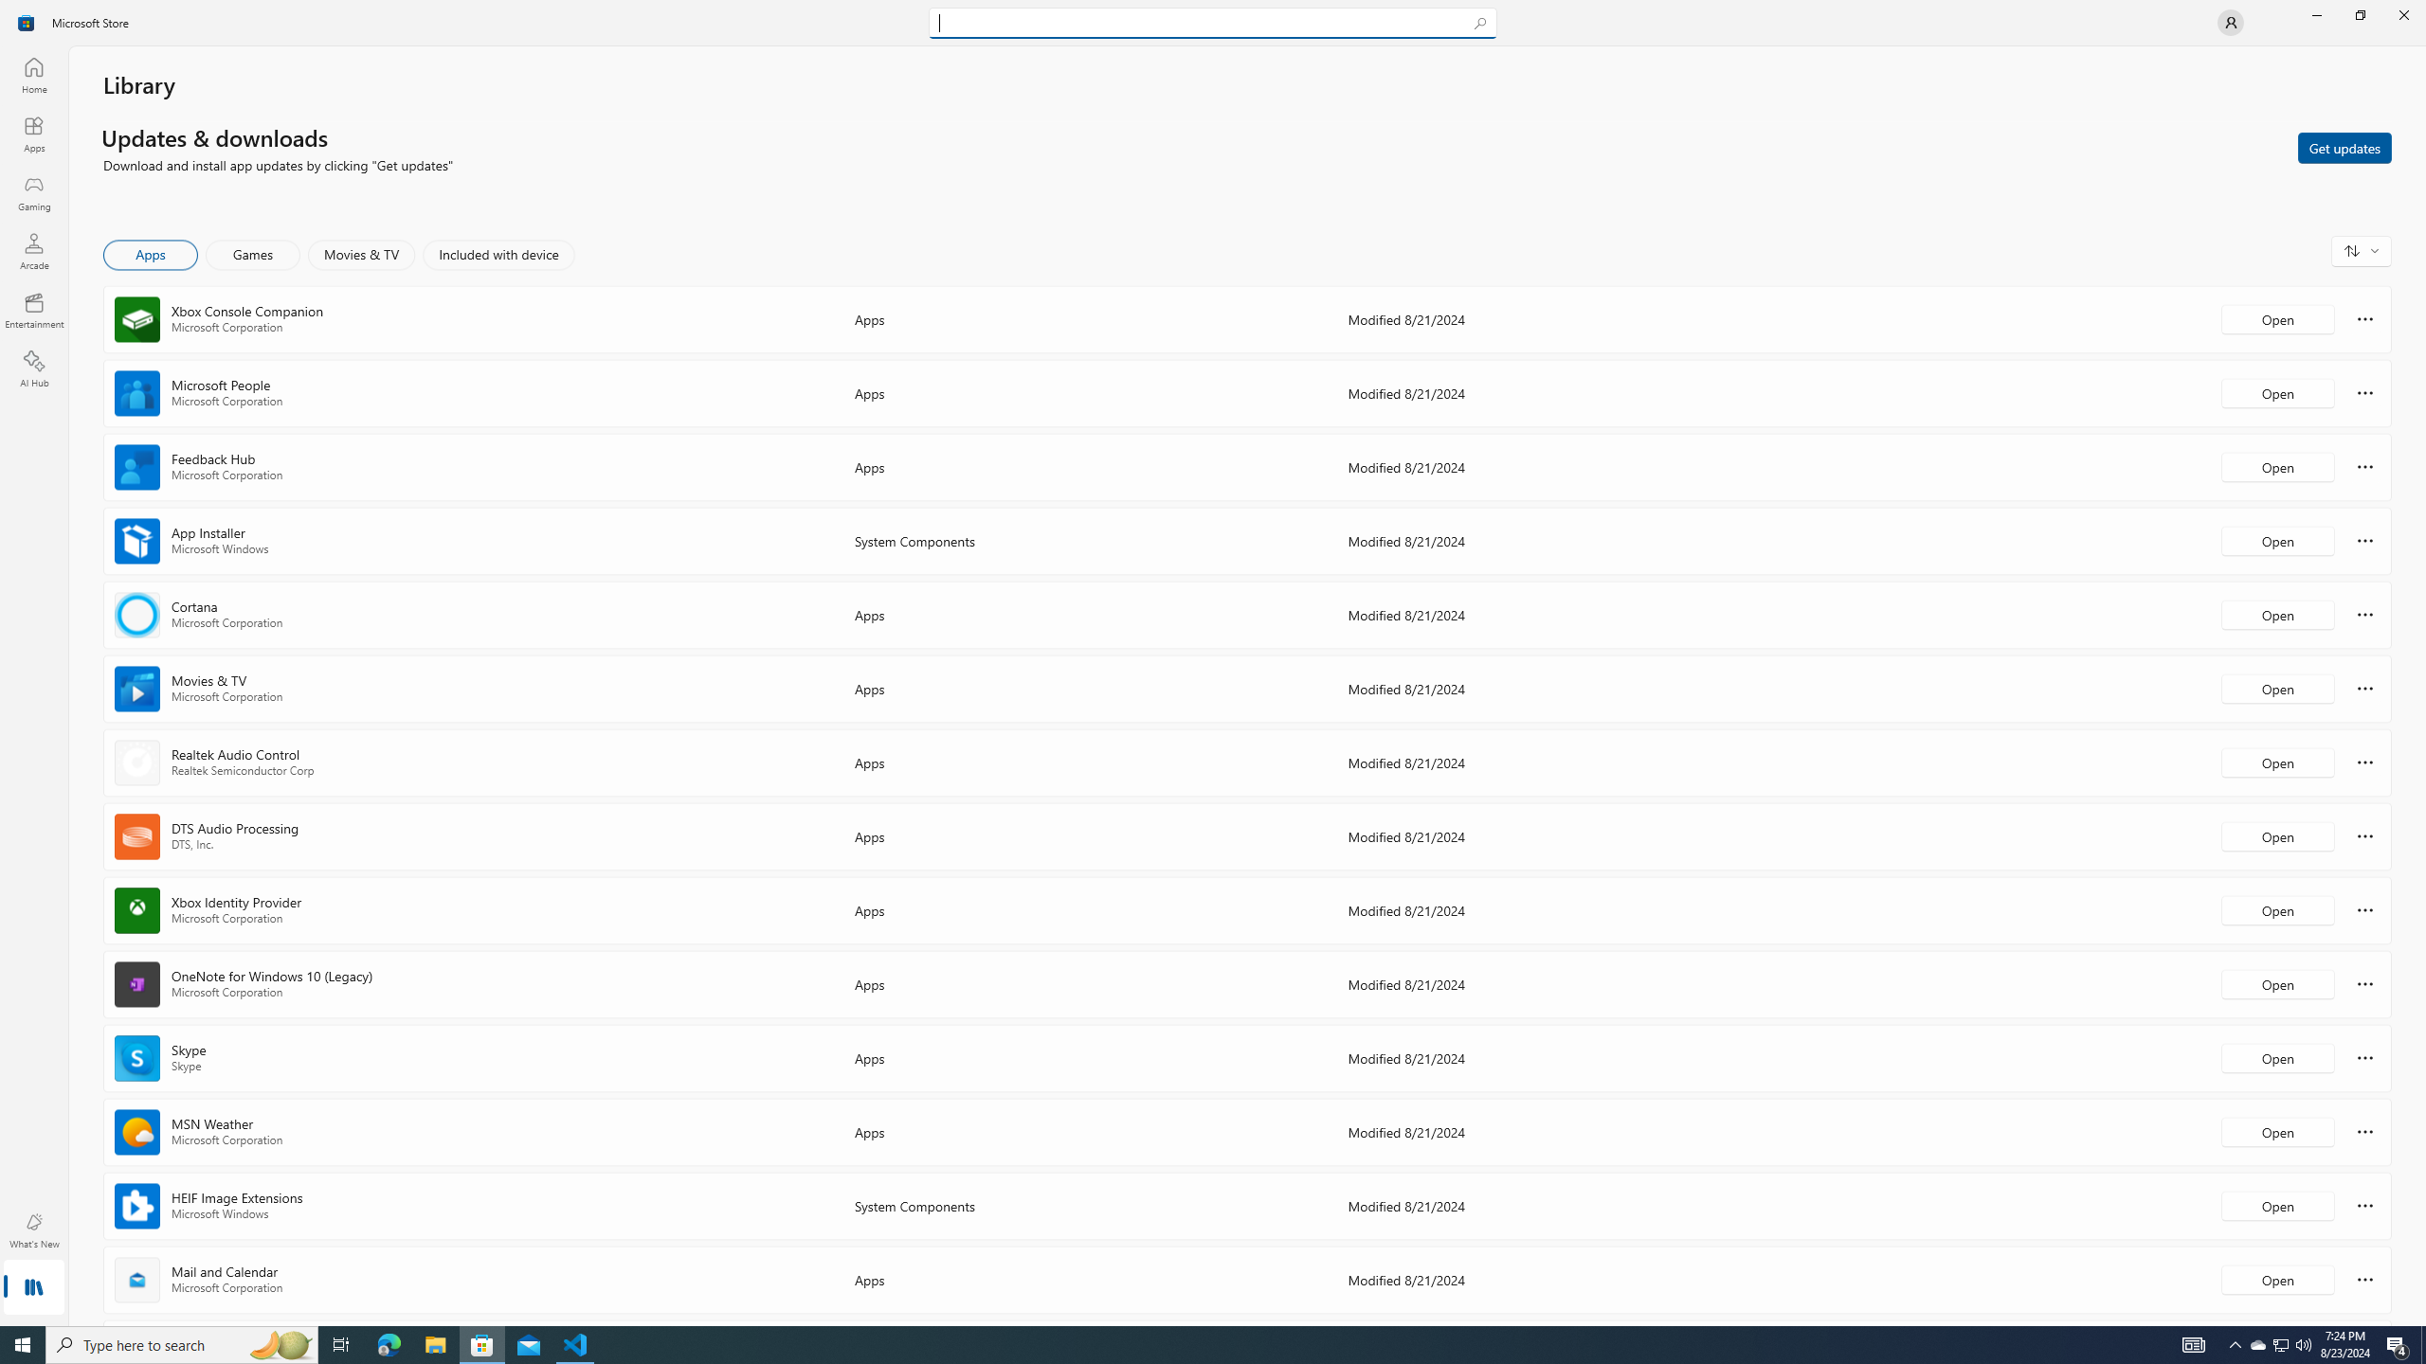  Describe the element at coordinates (32, 1288) in the screenshot. I see `'Library'` at that location.